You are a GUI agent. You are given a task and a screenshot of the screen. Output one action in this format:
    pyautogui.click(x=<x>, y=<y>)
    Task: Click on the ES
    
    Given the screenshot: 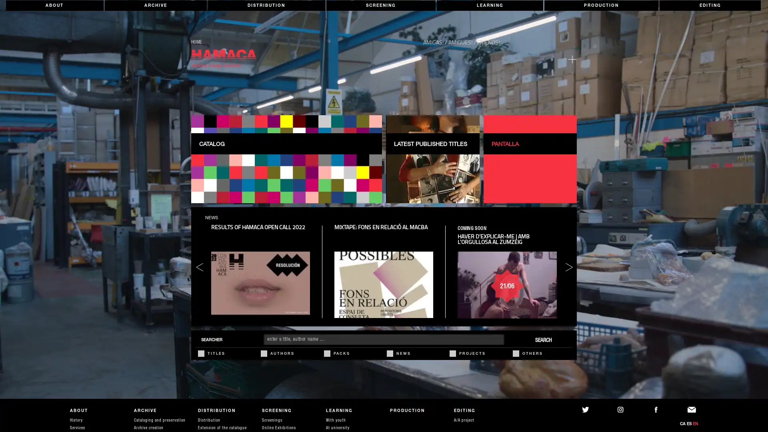 What is the action you would take?
    pyautogui.click(x=688, y=424)
    